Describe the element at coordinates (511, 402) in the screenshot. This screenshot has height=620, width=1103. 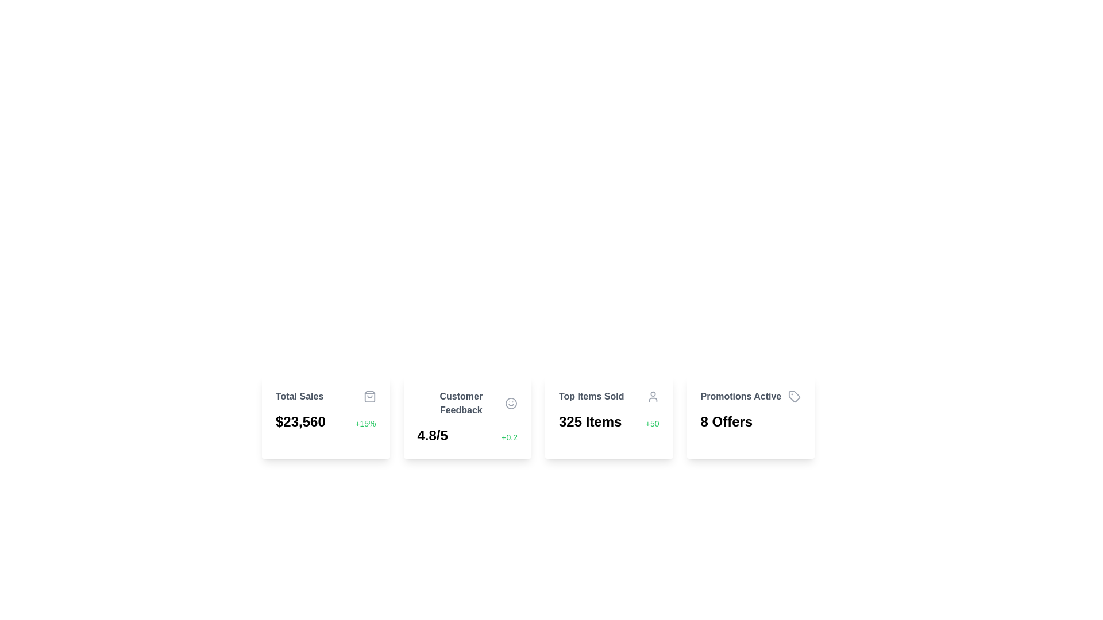
I see `the circular smiley face graphic icon located in the 'Customer Feedback' section, which is centered above the feedback value '4.8/5'` at that location.